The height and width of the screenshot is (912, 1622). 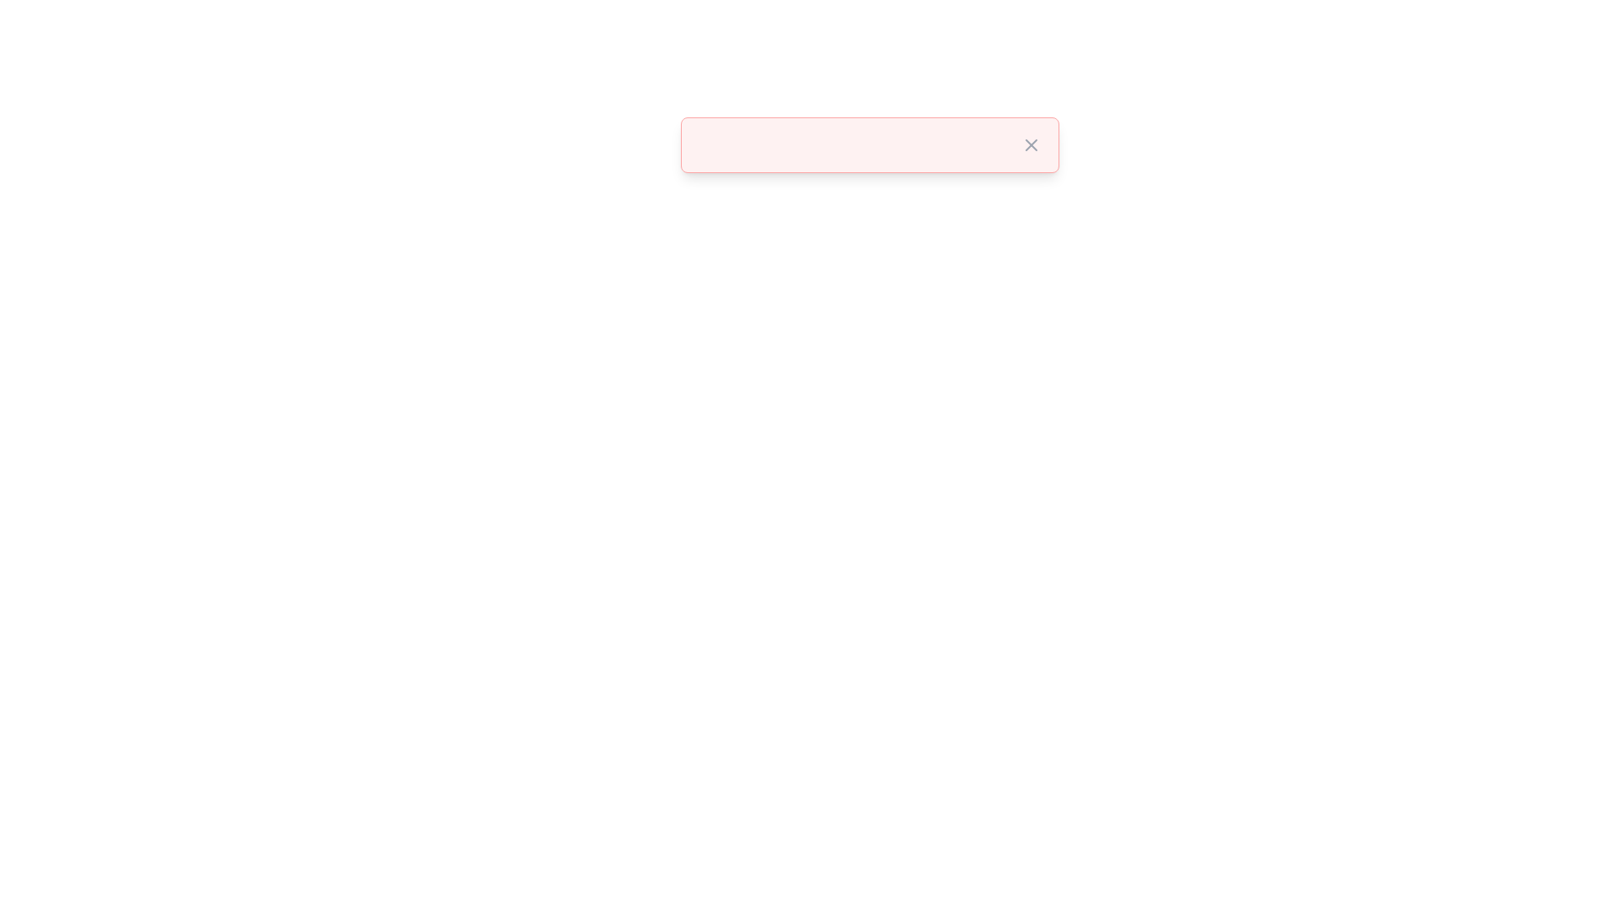 What do you see at coordinates (1030, 144) in the screenshot?
I see `the interactive 'X' button located at the far right end of the horizontal layout for keyboard interaction` at bounding box center [1030, 144].